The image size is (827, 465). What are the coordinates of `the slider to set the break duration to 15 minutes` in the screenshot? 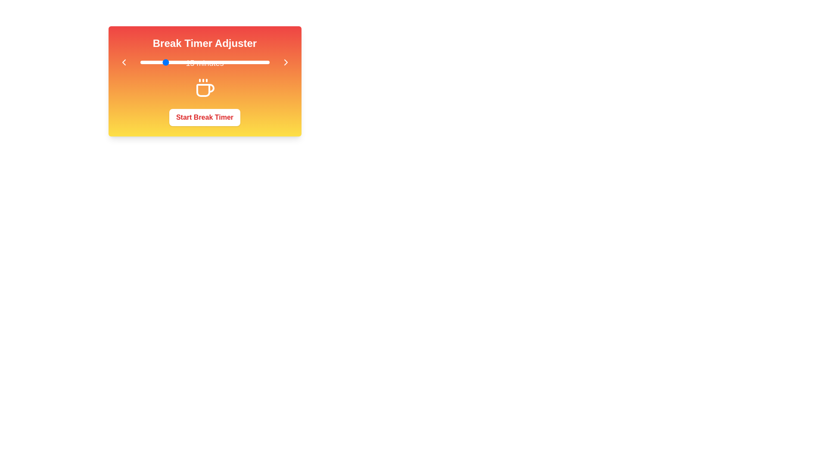 It's located at (163, 62).